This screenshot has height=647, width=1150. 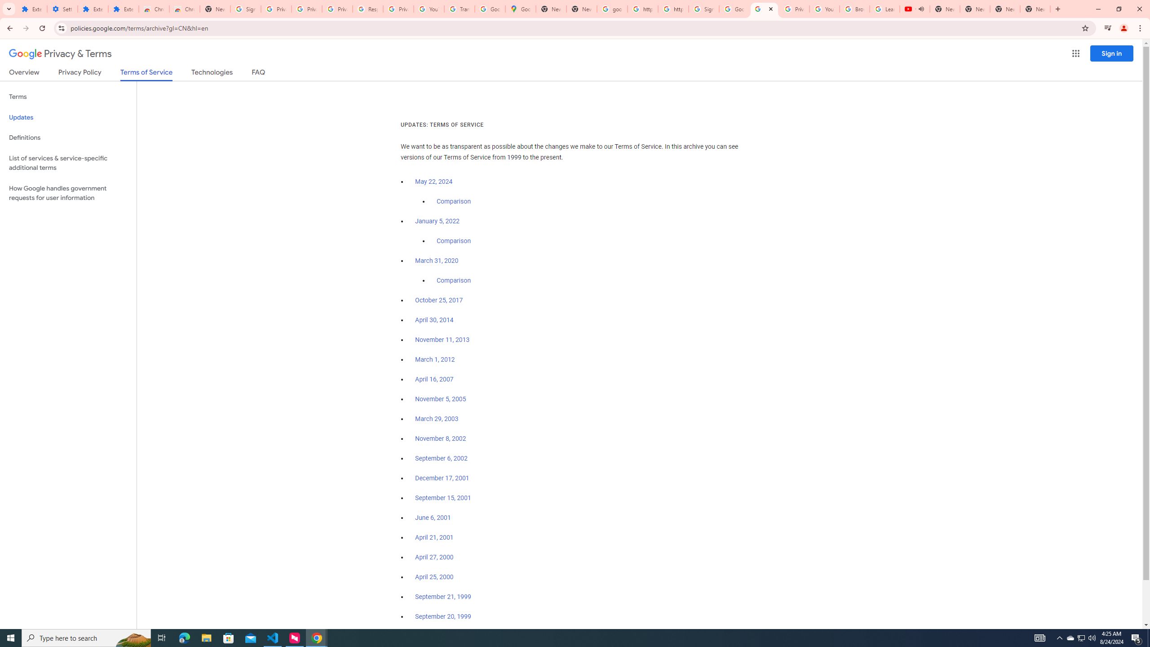 I want to click on 'December 17, 2001', so click(x=442, y=478).